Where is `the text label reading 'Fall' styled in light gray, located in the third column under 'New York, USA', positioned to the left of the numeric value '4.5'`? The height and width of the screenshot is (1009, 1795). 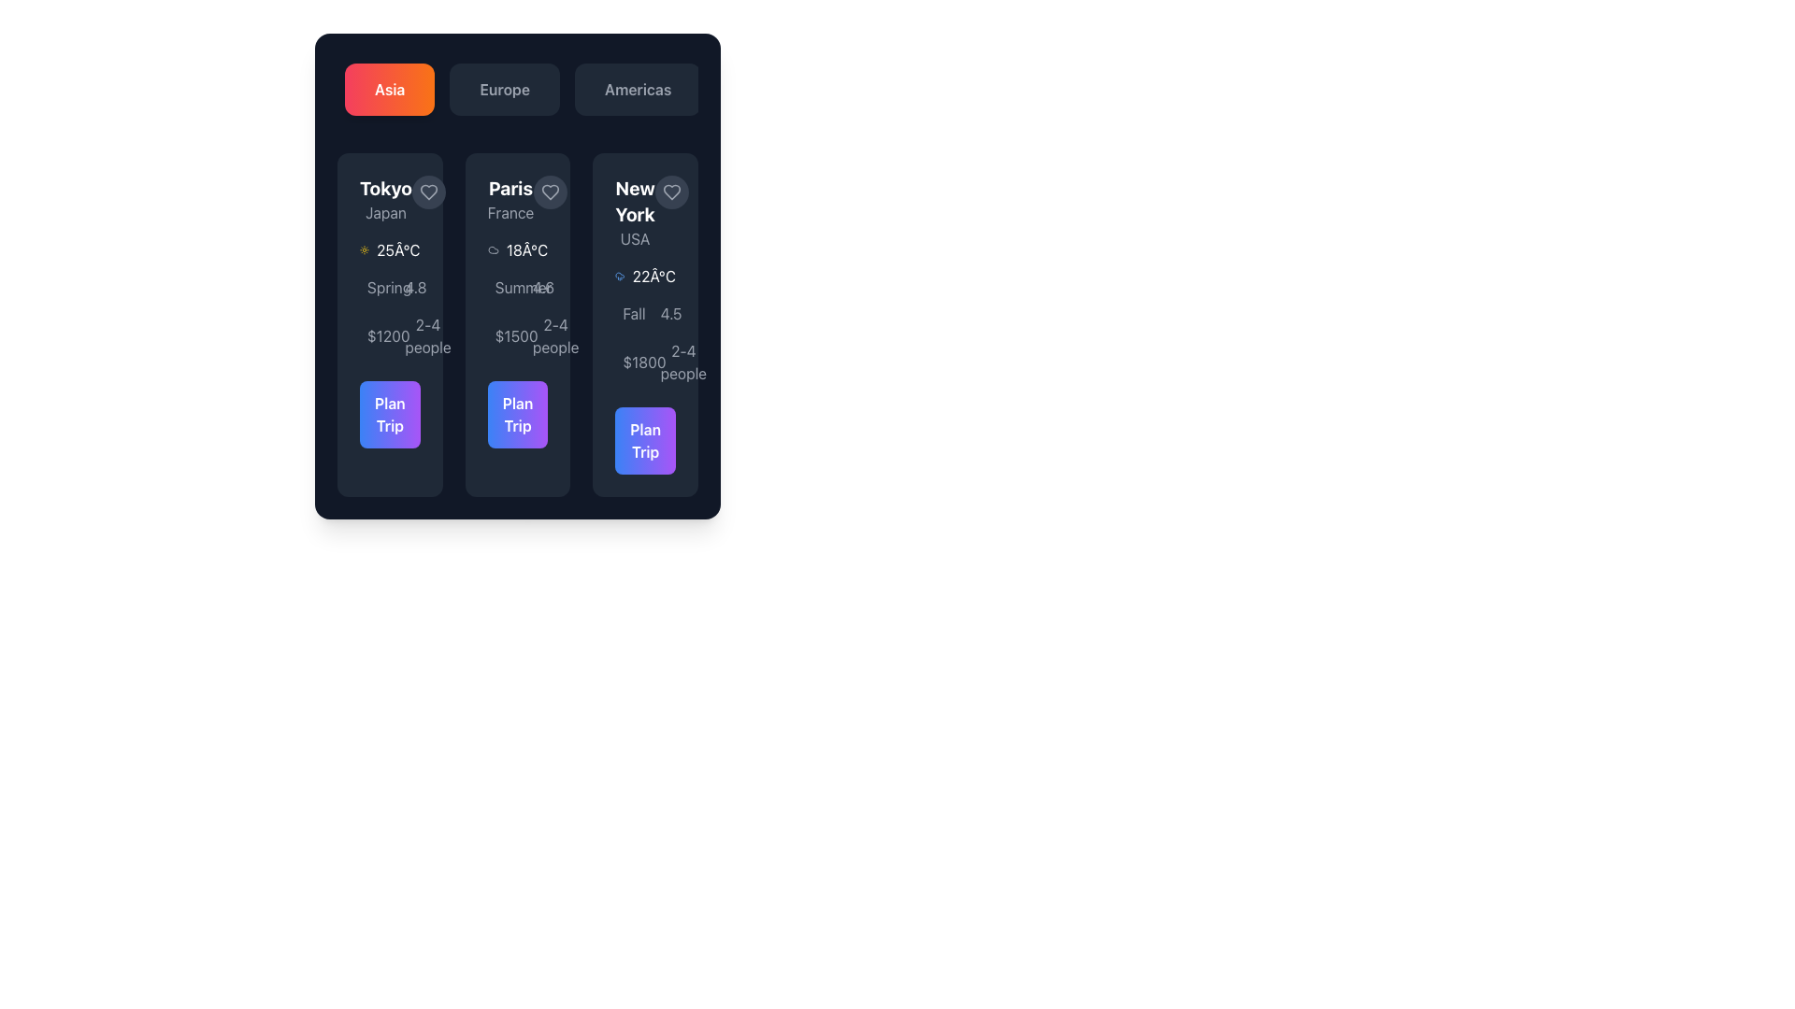
the text label reading 'Fall' styled in light gray, located in the third column under 'New York, USA', positioned to the left of the numeric value '4.5' is located at coordinates (634, 312).